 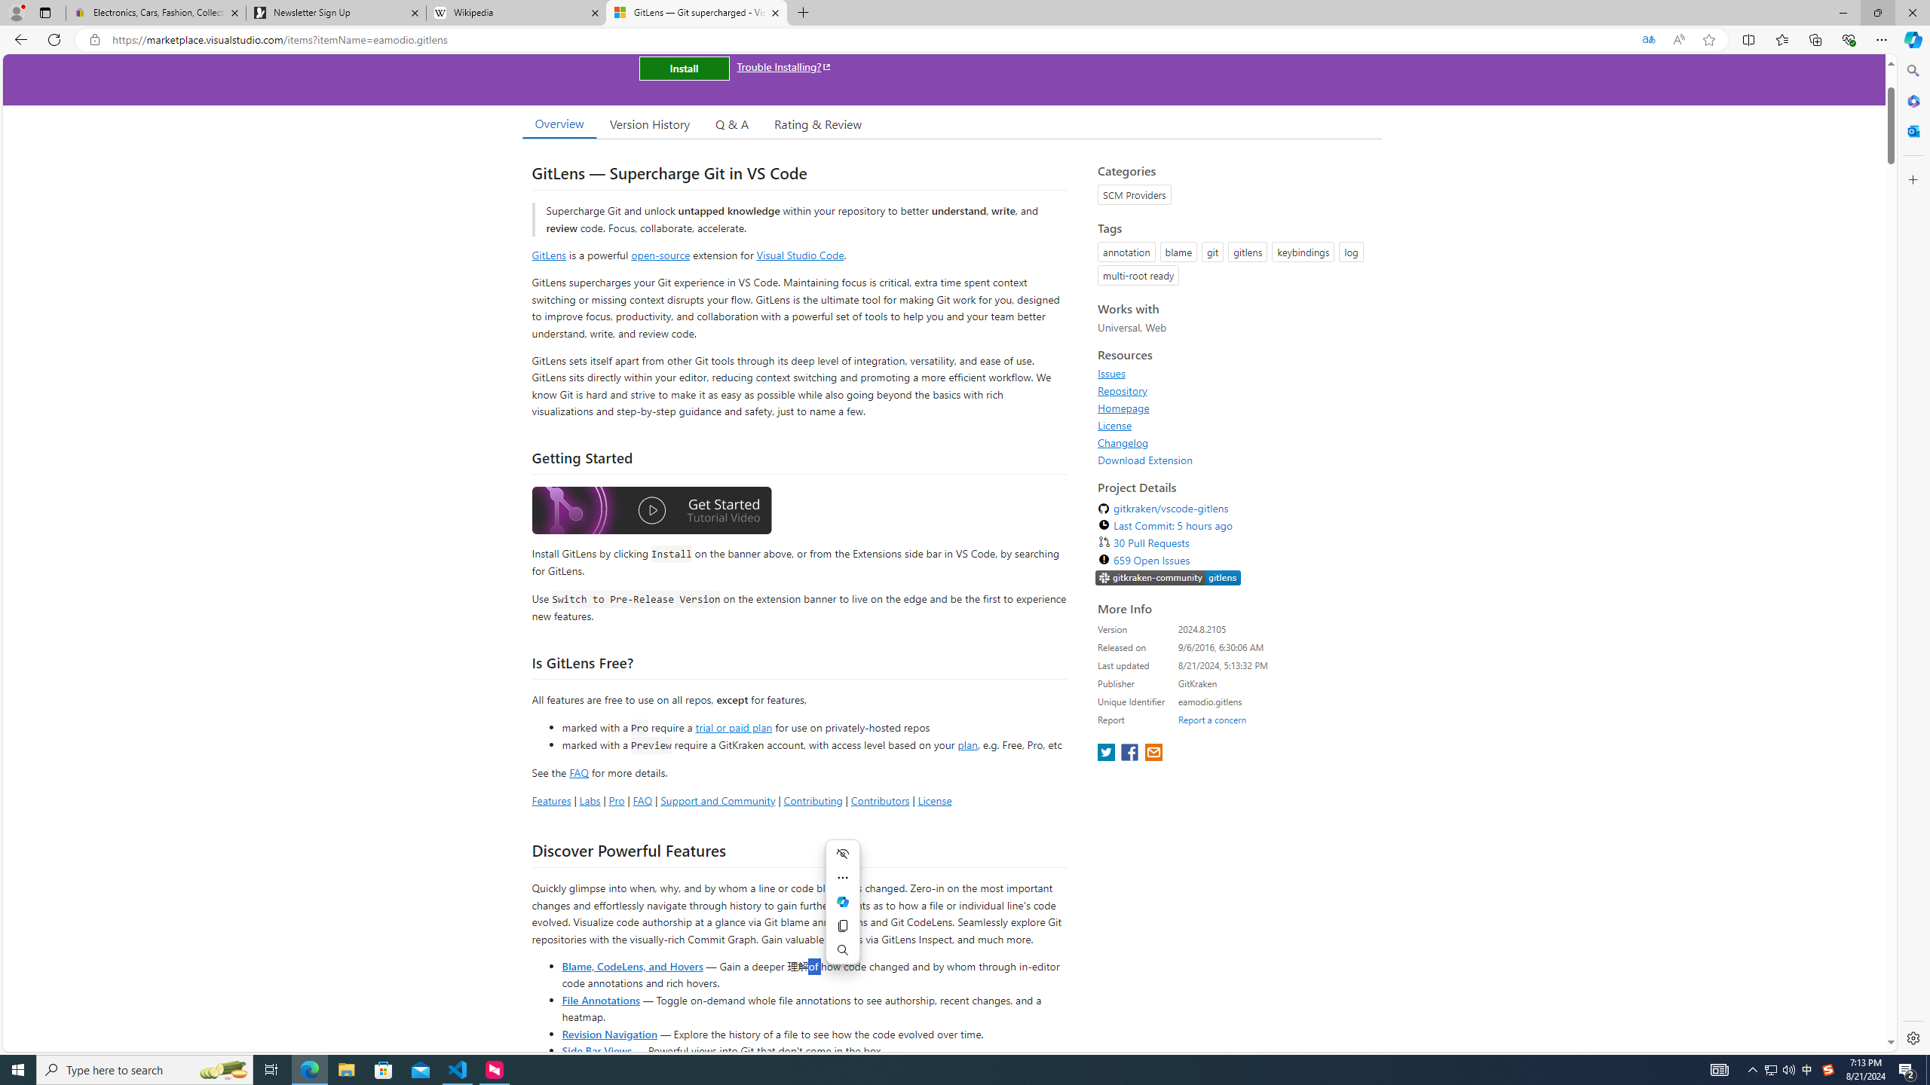 What do you see at coordinates (1235, 373) in the screenshot?
I see `'Issues'` at bounding box center [1235, 373].